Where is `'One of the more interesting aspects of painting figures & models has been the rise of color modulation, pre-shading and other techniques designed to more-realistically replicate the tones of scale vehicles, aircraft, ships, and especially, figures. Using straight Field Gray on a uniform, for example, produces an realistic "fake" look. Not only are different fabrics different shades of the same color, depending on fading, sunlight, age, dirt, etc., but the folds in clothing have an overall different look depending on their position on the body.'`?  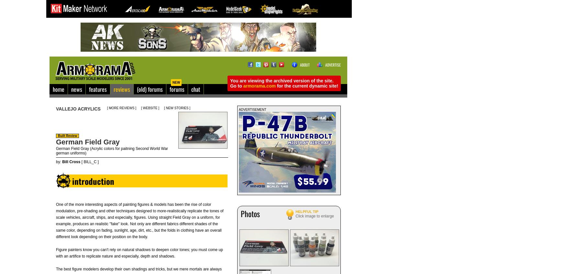
'One of the more interesting aspects of painting figures & models has been the rise of color modulation, pre-shading and other techniques designed to more-realistically replicate the tones of scale vehicles, aircraft, ships, and especially, figures. Using straight Field Gray on a uniform, for example, produces an realistic "fake" look. Not only are different fabrics different shades of the same color, depending on fading, sunlight, age, dirt, etc., but the folds in clothing have an overall different look depending on their position on the body.' is located at coordinates (139, 220).